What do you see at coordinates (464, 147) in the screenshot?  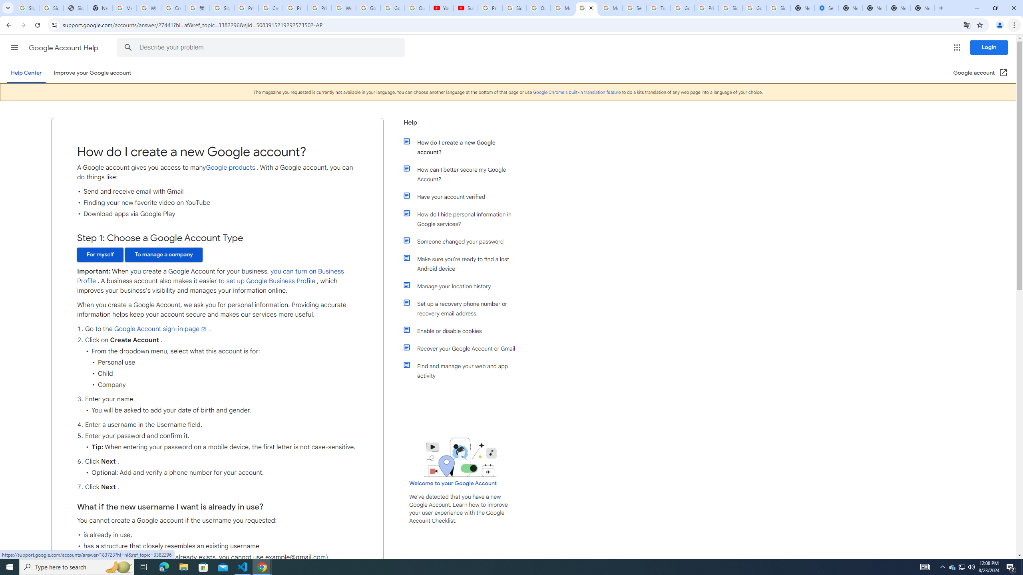 I see `'How do I create a new Google account?'` at bounding box center [464, 147].